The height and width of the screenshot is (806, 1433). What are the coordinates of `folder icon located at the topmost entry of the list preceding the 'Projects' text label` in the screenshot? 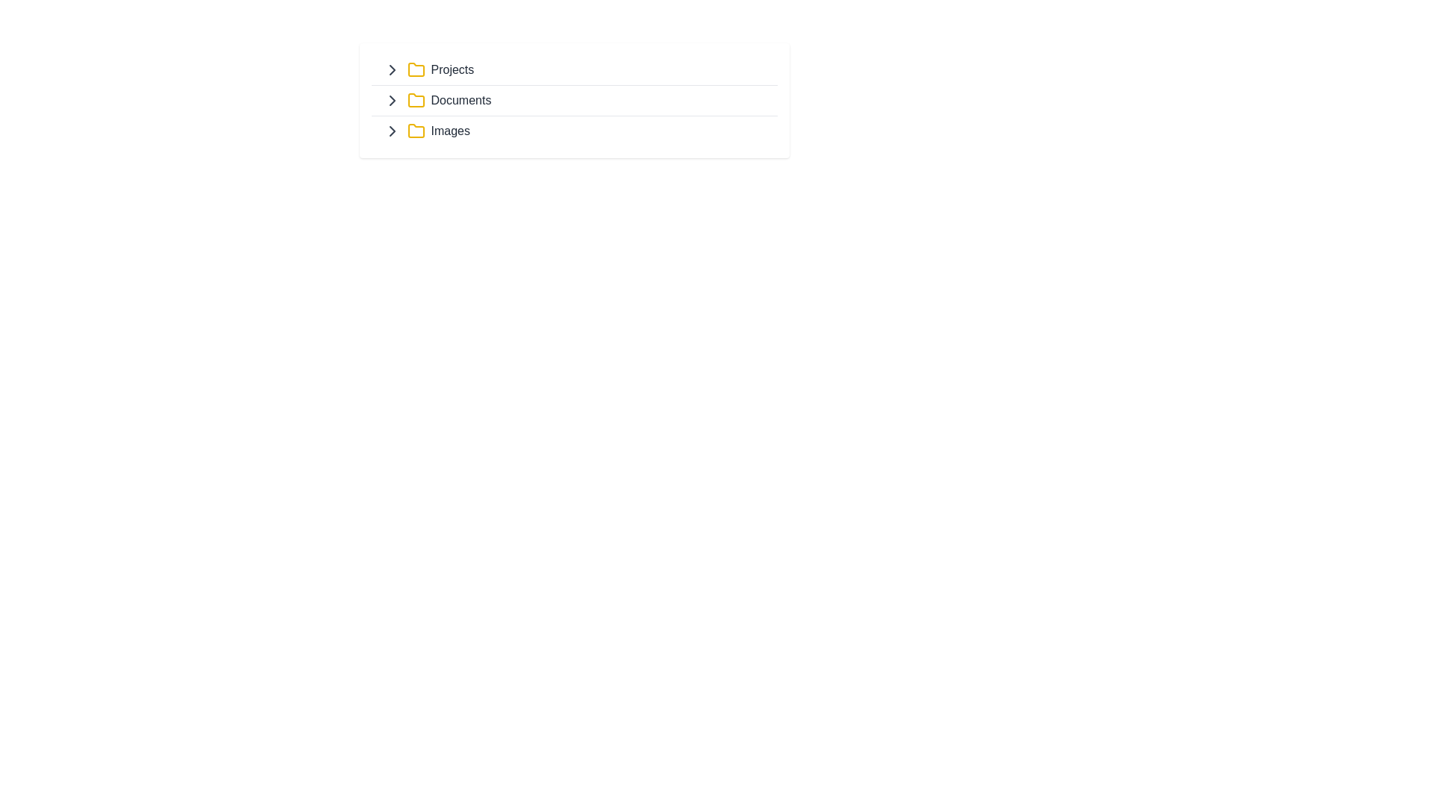 It's located at (416, 69).